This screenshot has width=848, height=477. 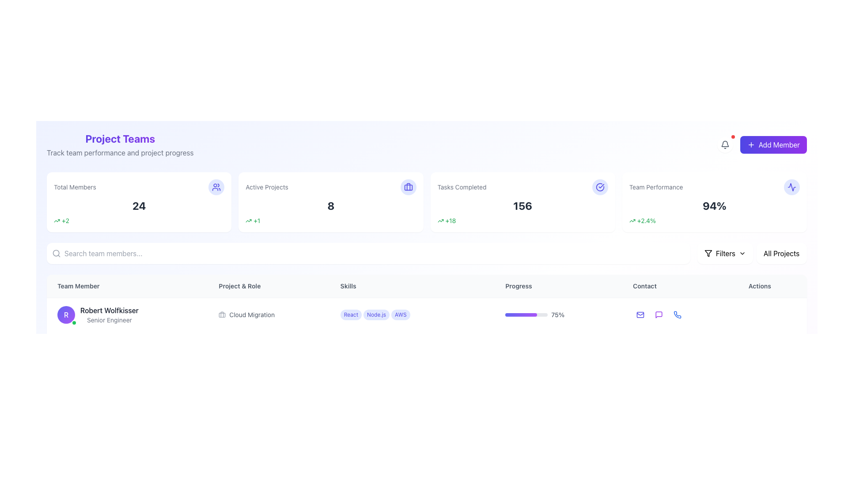 What do you see at coordinates (792, 187) in the screenshot?
I see `the appearance of the indigo zigzag pattern icon located in the upper-right corner of the 'Team Performance' card` at bounding box center [792, 187].